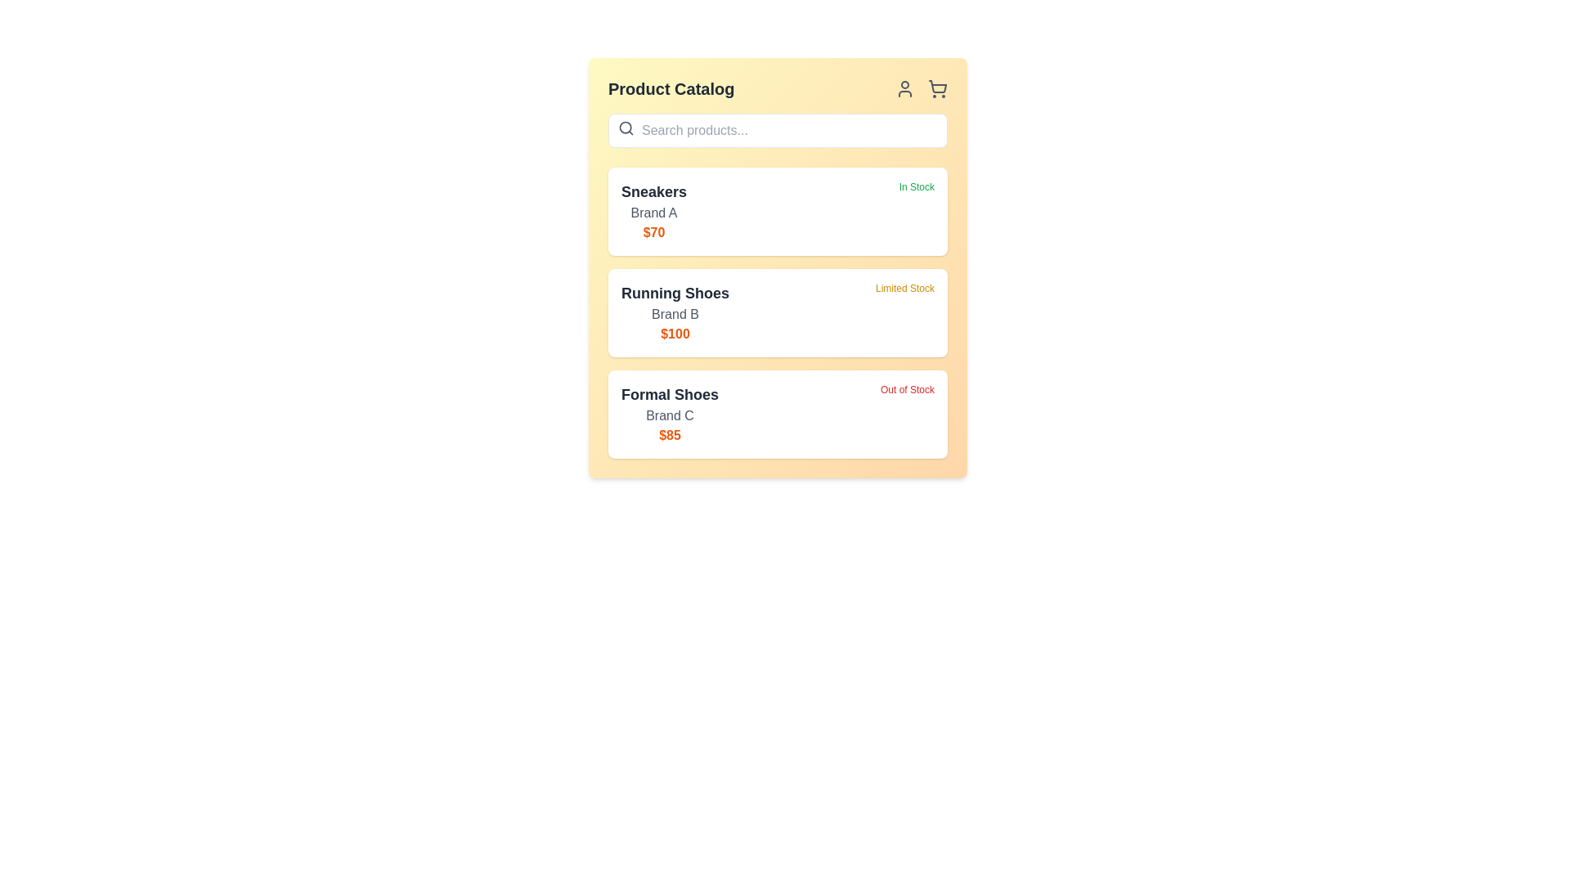  I want to click on the text-based informational component summarizing details about the product 'Sneakers', so click(654, 210).